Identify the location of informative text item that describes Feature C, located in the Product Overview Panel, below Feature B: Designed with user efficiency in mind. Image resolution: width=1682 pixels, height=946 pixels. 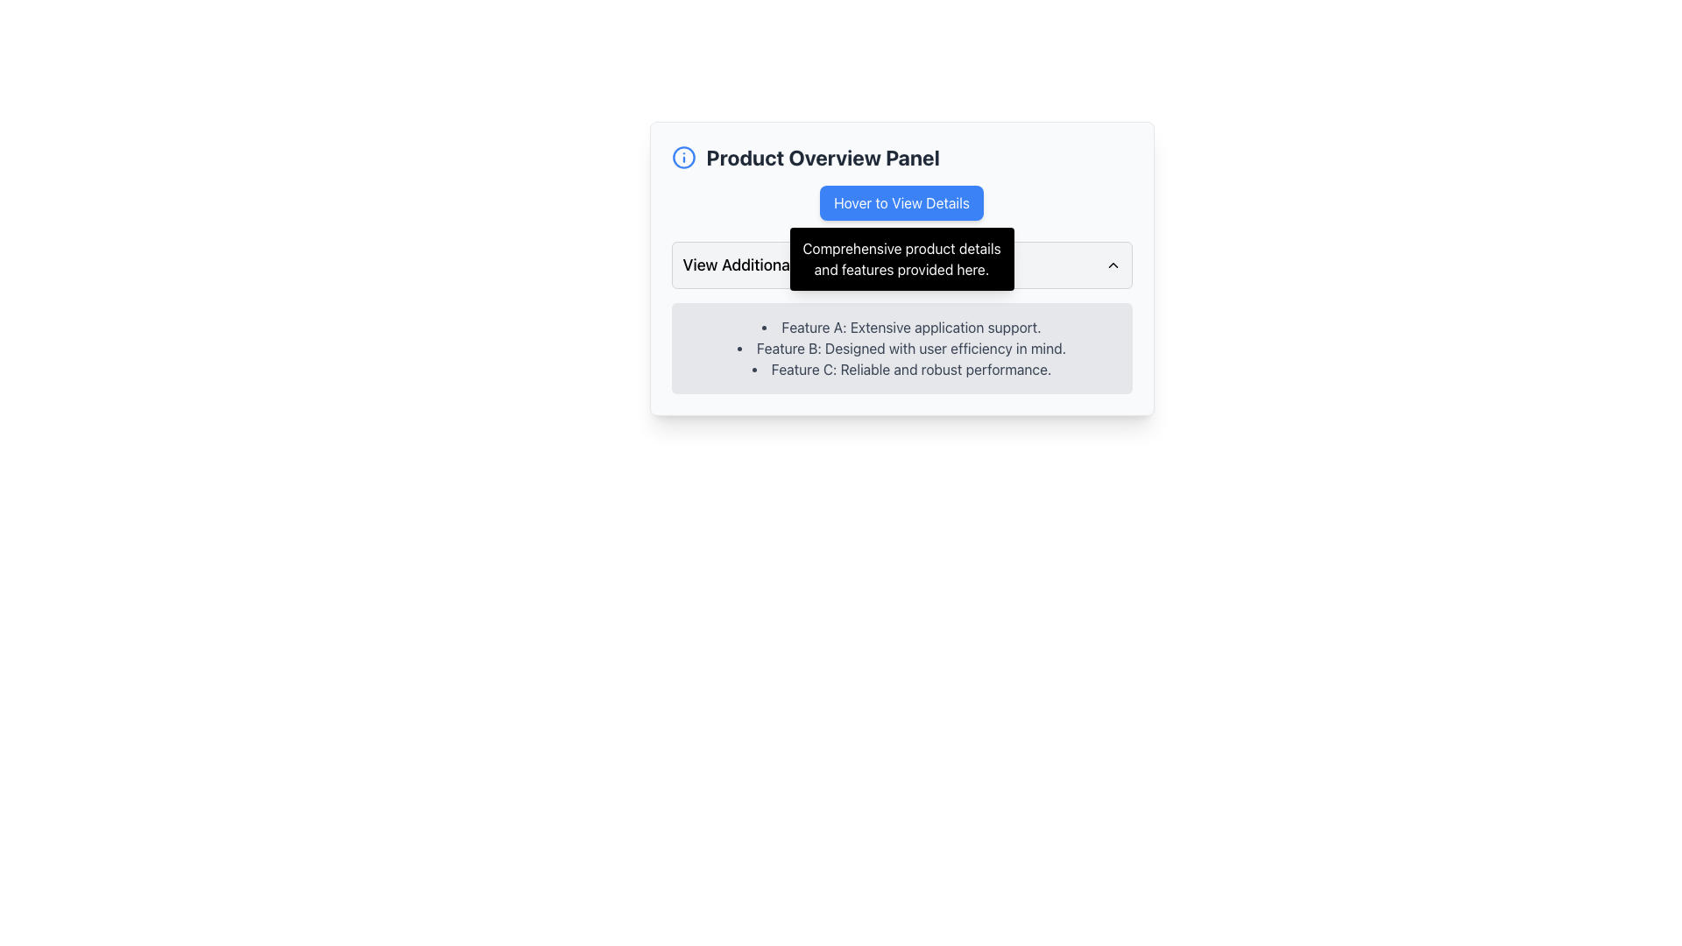
(901, 368).